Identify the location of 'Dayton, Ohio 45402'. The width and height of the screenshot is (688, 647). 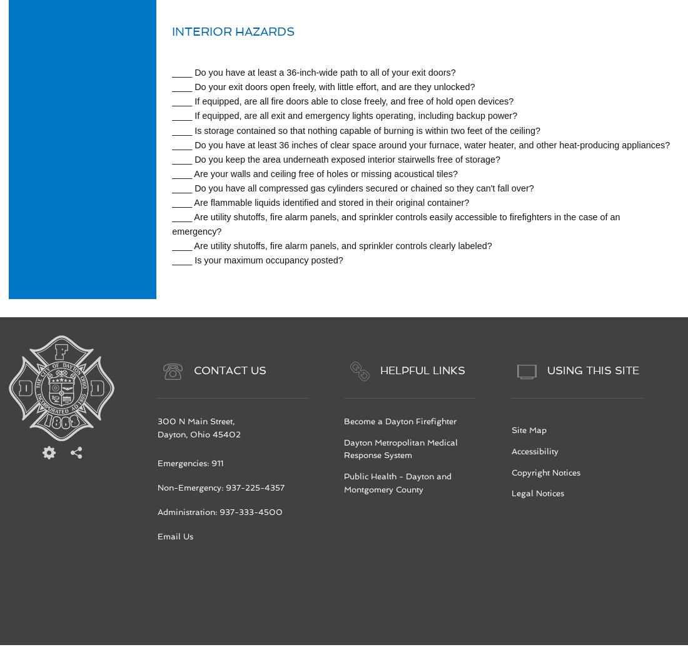
(198, 434).